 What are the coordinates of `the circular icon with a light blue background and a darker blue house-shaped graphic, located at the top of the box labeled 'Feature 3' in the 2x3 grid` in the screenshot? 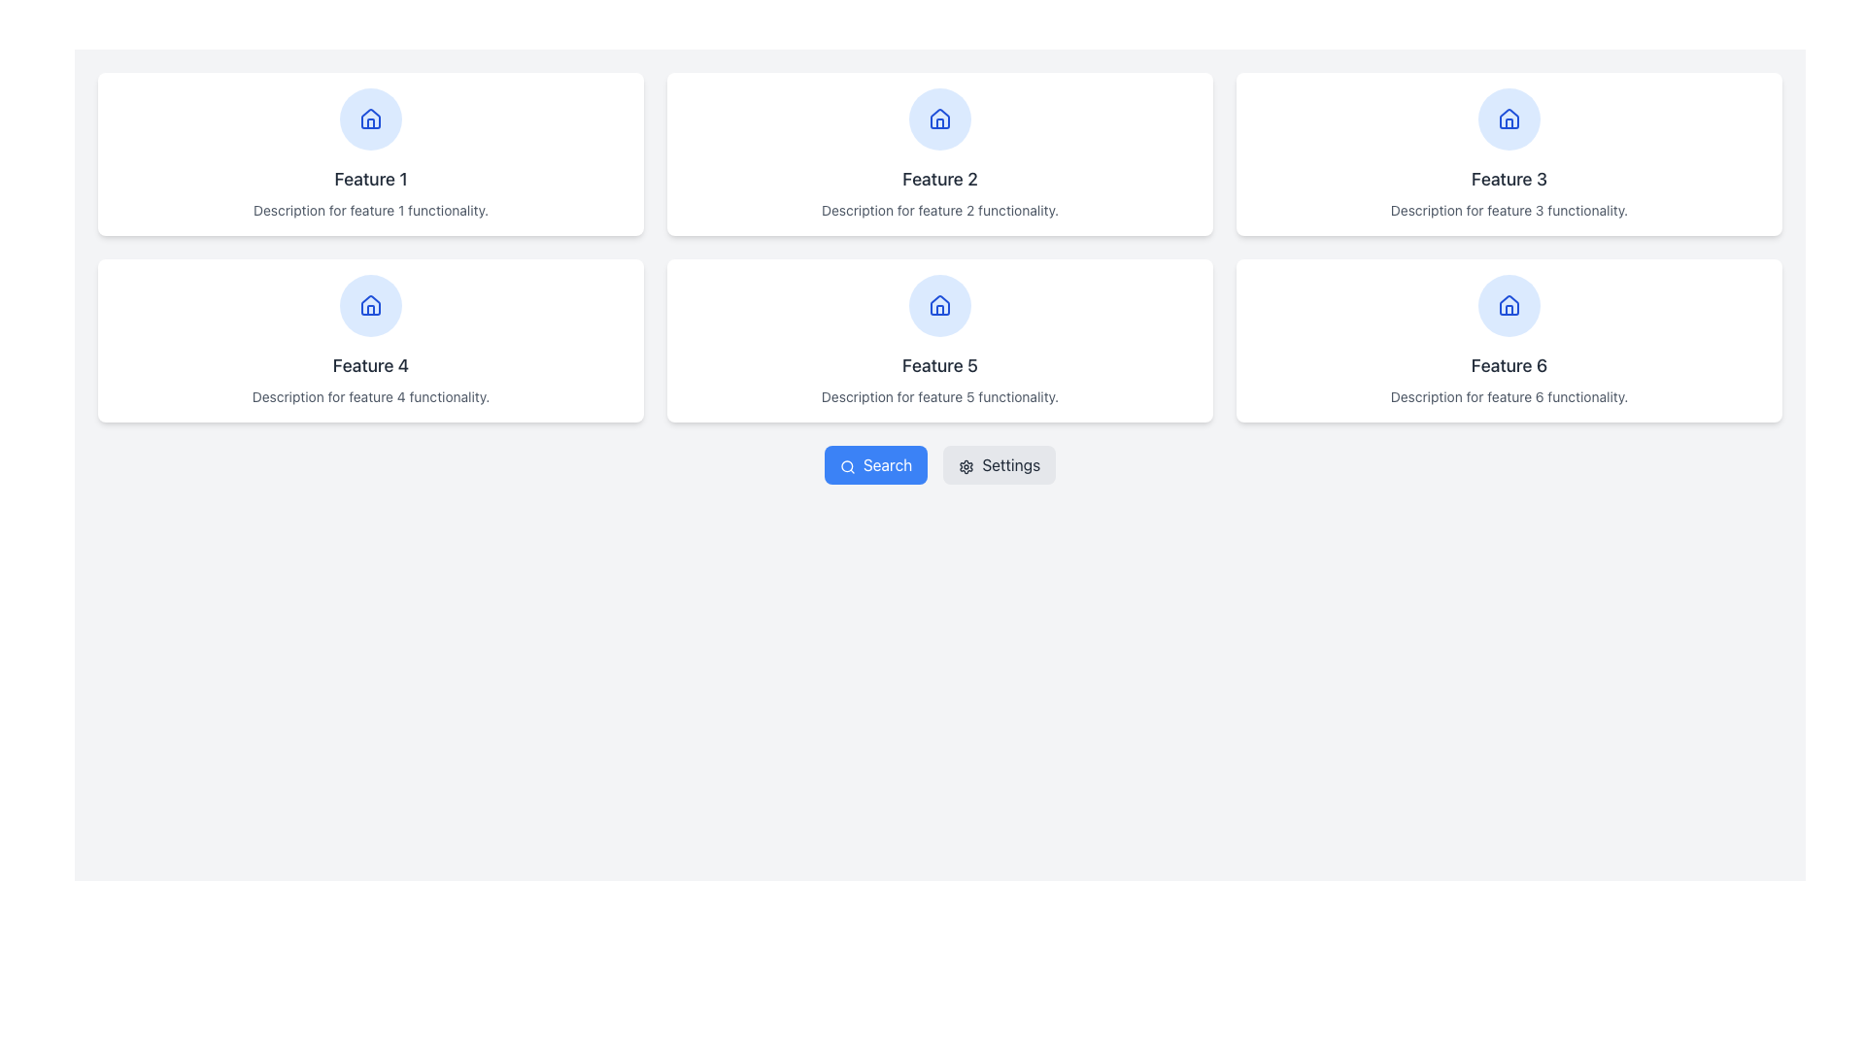 It's located at (1509, 119).